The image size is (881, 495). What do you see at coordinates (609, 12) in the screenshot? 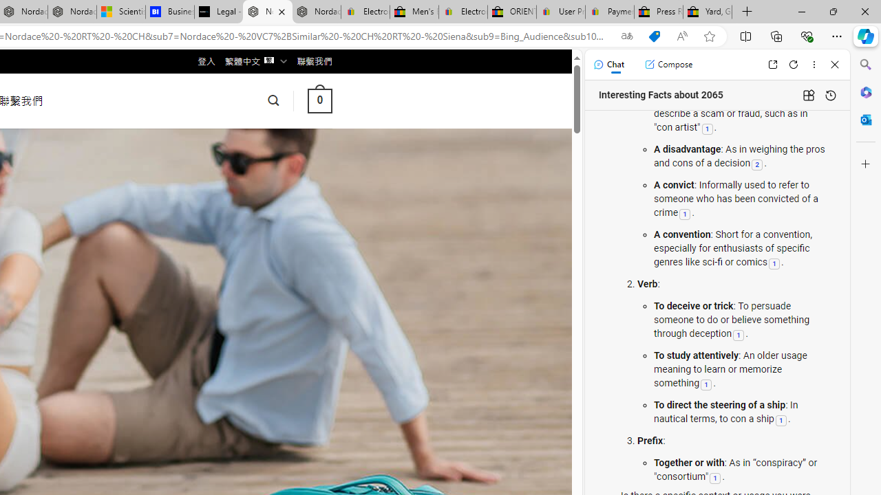
I see `'Payments Terms of Use | eBay.com'` at bounding box center [609, 12].